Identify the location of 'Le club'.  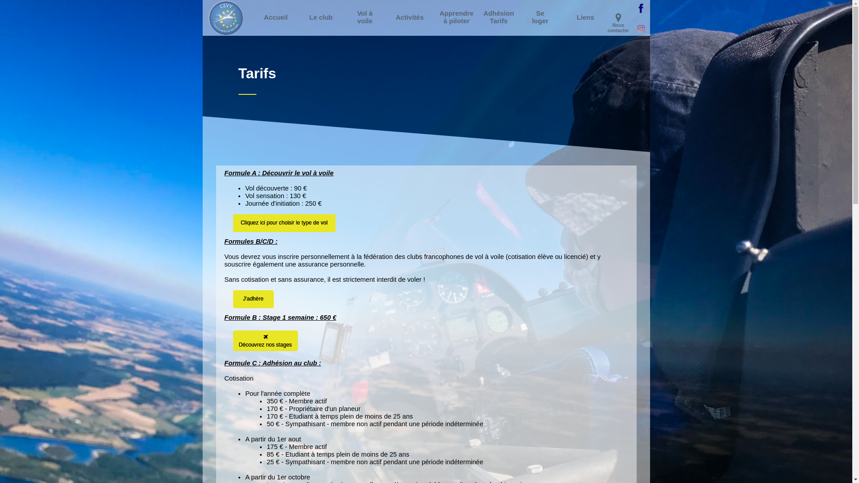
(321, 17).